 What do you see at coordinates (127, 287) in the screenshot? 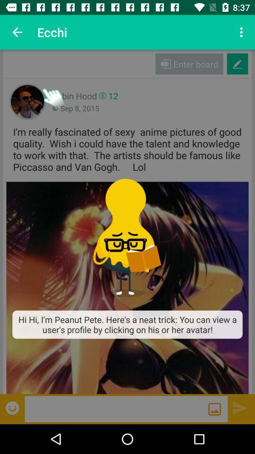
I see `profile` at bounding box center [127, 287].